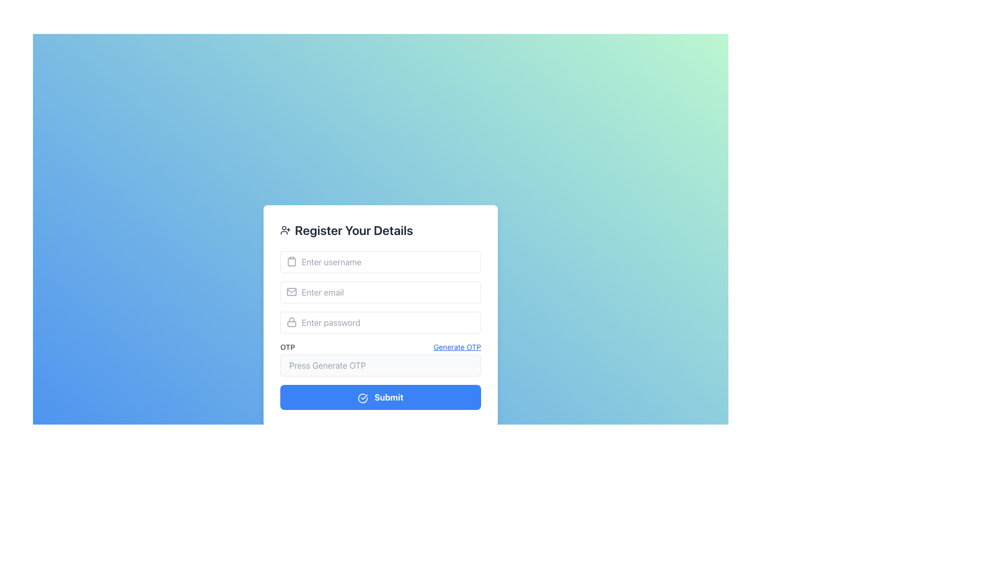 Image resolution: width=1004 pixels, height=564 pixels. What do you see at coordinates (291, 290) in the screenshot?
I see `the mail icon component that represents email functionality, located to the left of the 'Enter email' text field in the user registration section` at bounding box center [291, 290].